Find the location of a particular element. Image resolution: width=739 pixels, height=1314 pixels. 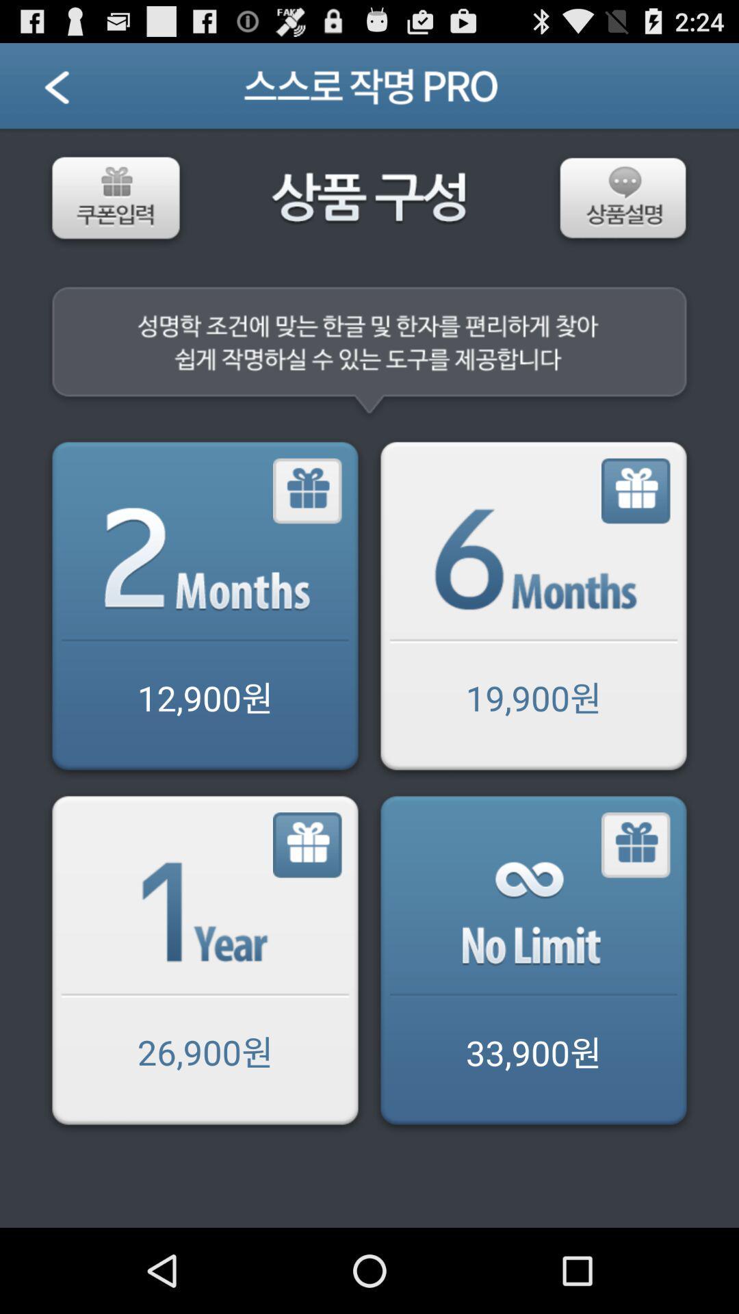

option is located at coordinates (532, 962).